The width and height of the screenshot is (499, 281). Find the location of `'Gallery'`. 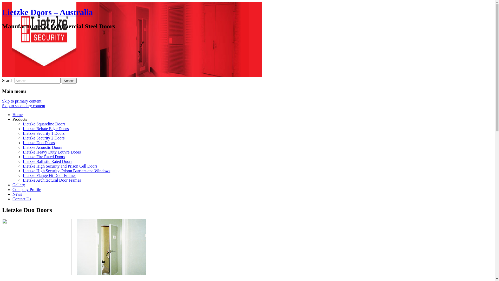

'Gallery' is located at coordinates (19, 184).